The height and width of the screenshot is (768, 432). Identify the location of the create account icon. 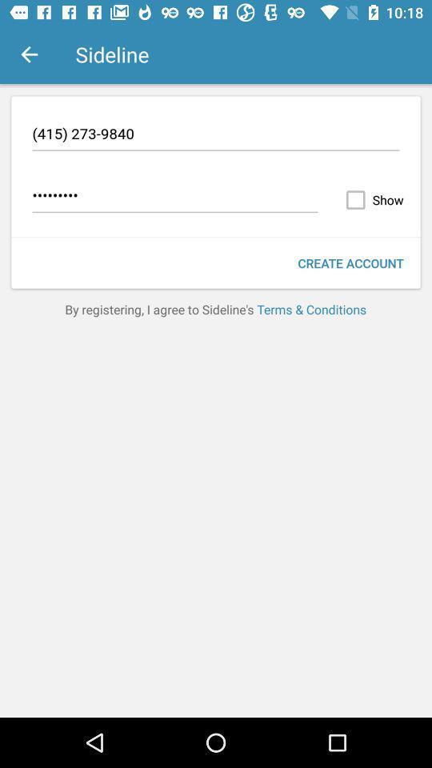
(350, 263).